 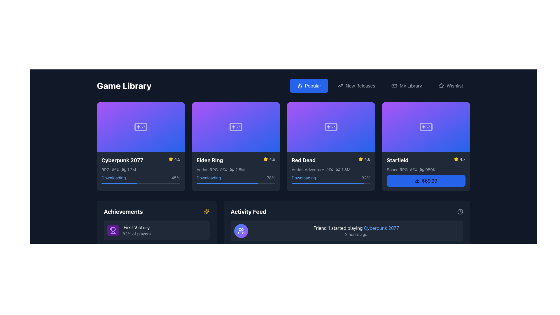 I want to click on the current progress of the download represented by the filled portion of the progress bar for the 'Red Dead' game, located below the 'Downloading...' text and above the '92%' percentage in the Game Library section, so click(x=328, y=183).